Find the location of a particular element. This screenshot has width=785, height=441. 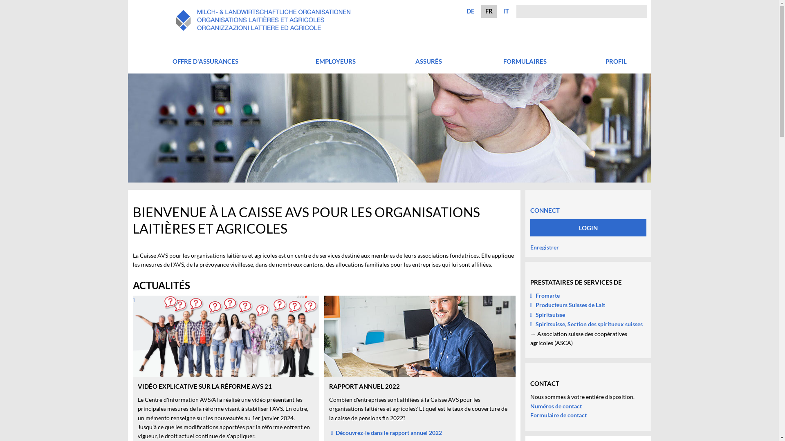

'Formulaire de contact' is located at coordinates (557, 415).